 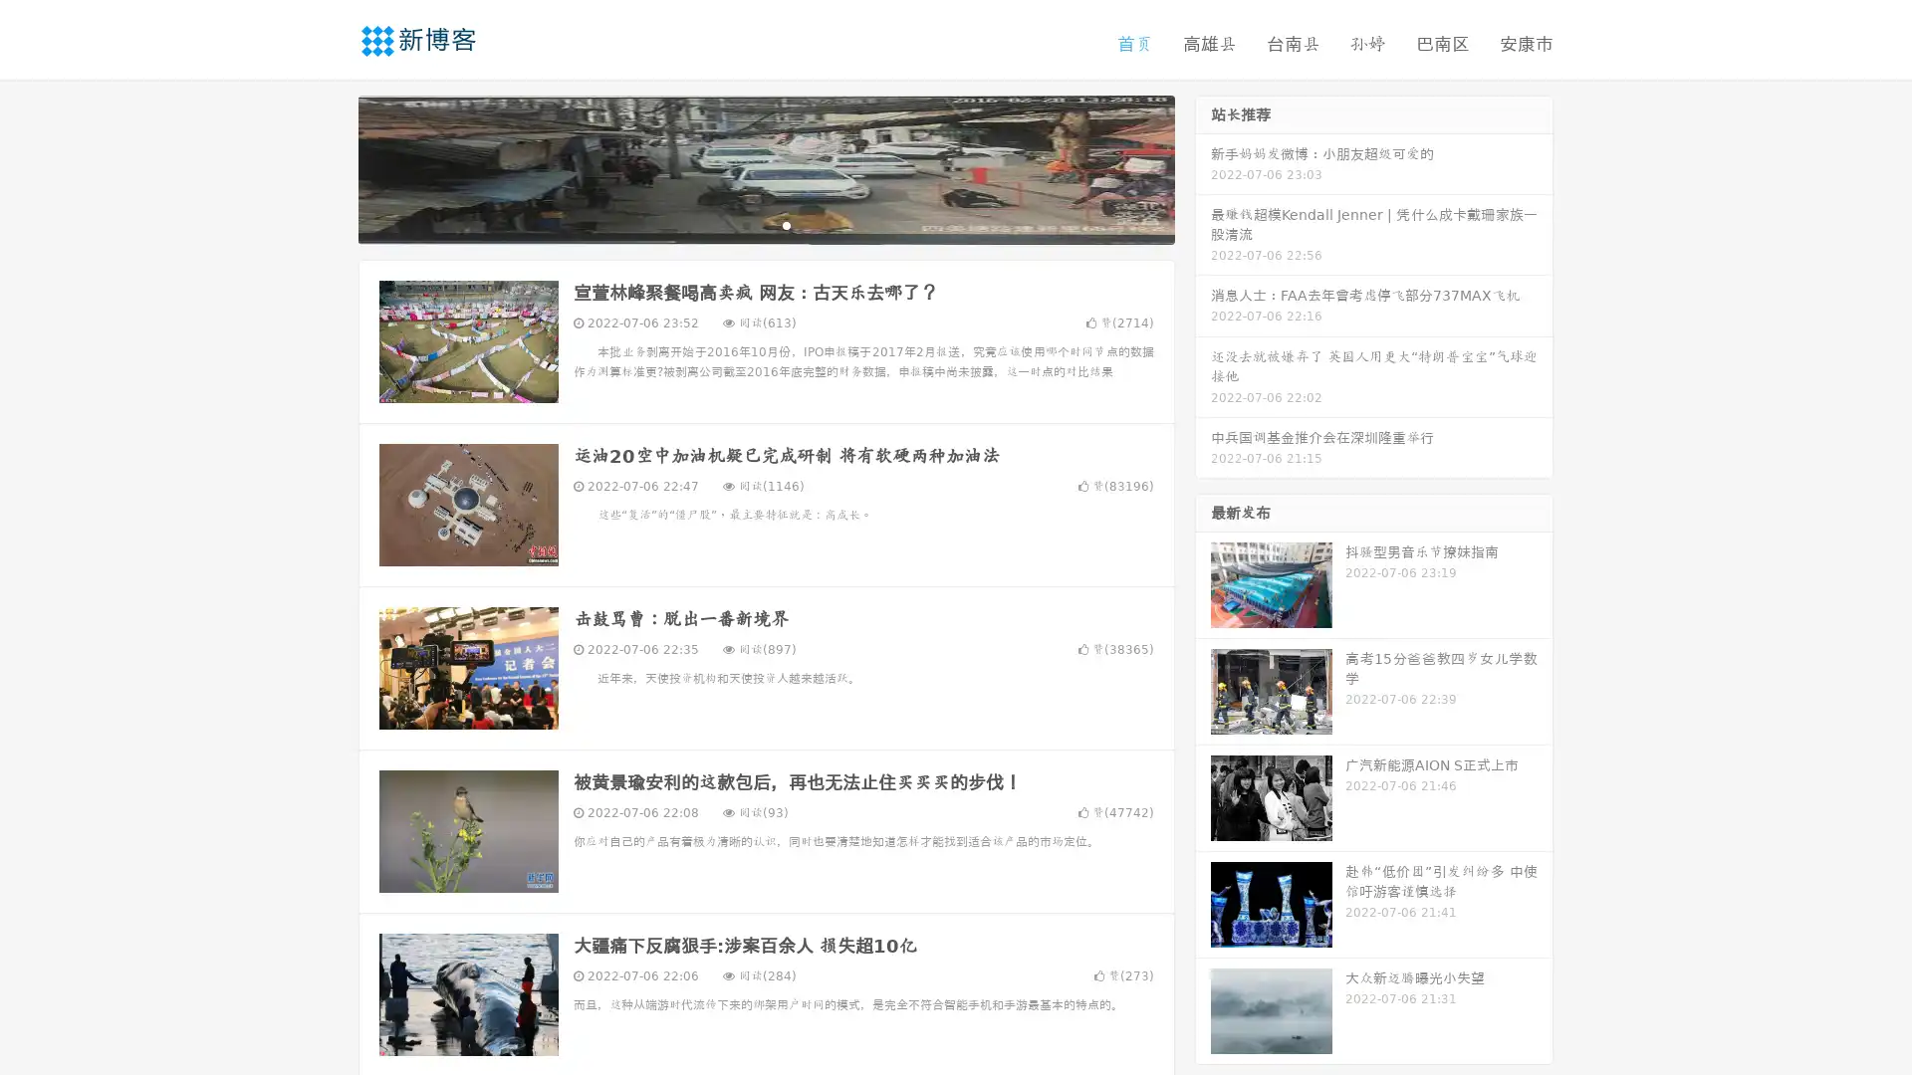 I want to click on Go to slide 3, so click(x=786, y=224).